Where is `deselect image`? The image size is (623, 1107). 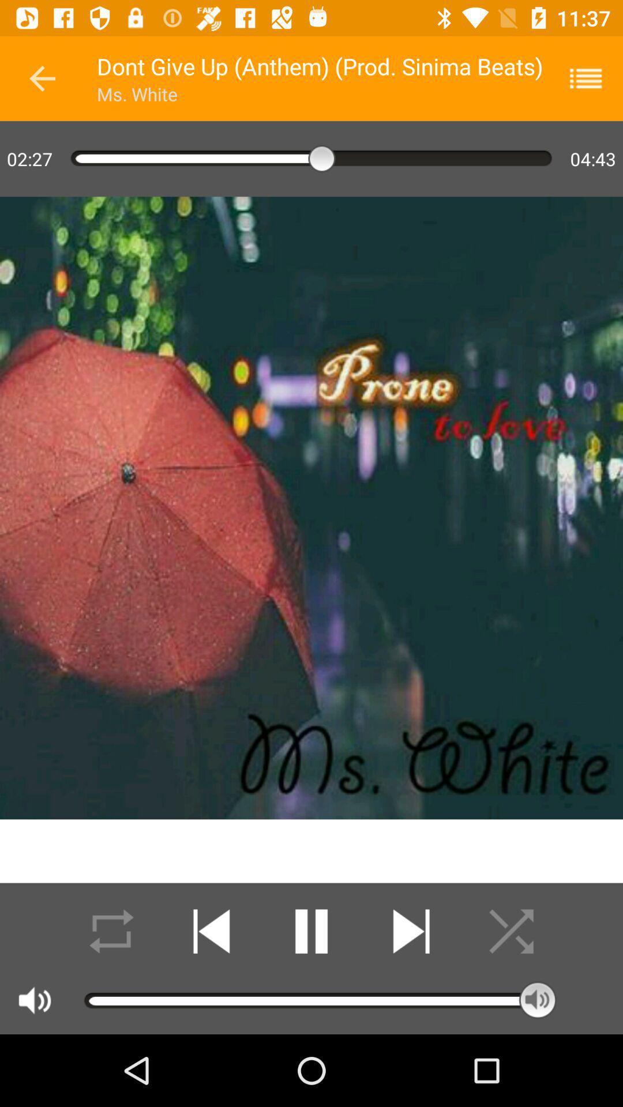
deselect image is located at coordinates (511, 931).